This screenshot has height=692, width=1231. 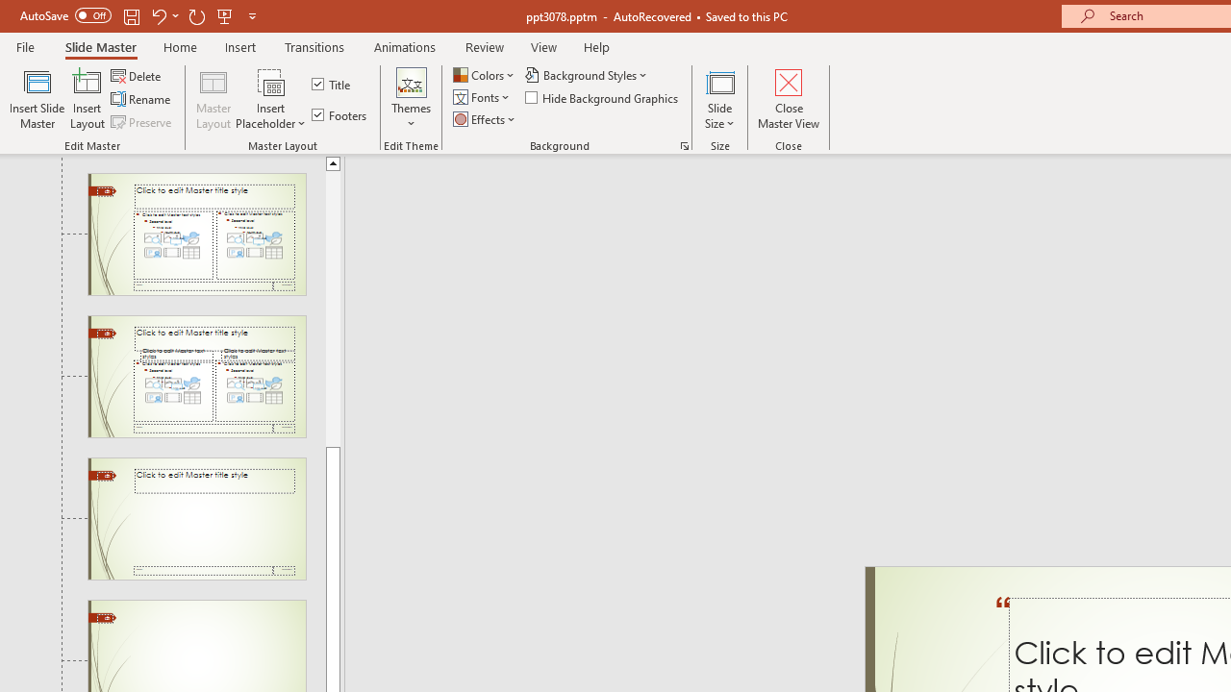 I want to click on 'Title', so click(x=333, y=83).